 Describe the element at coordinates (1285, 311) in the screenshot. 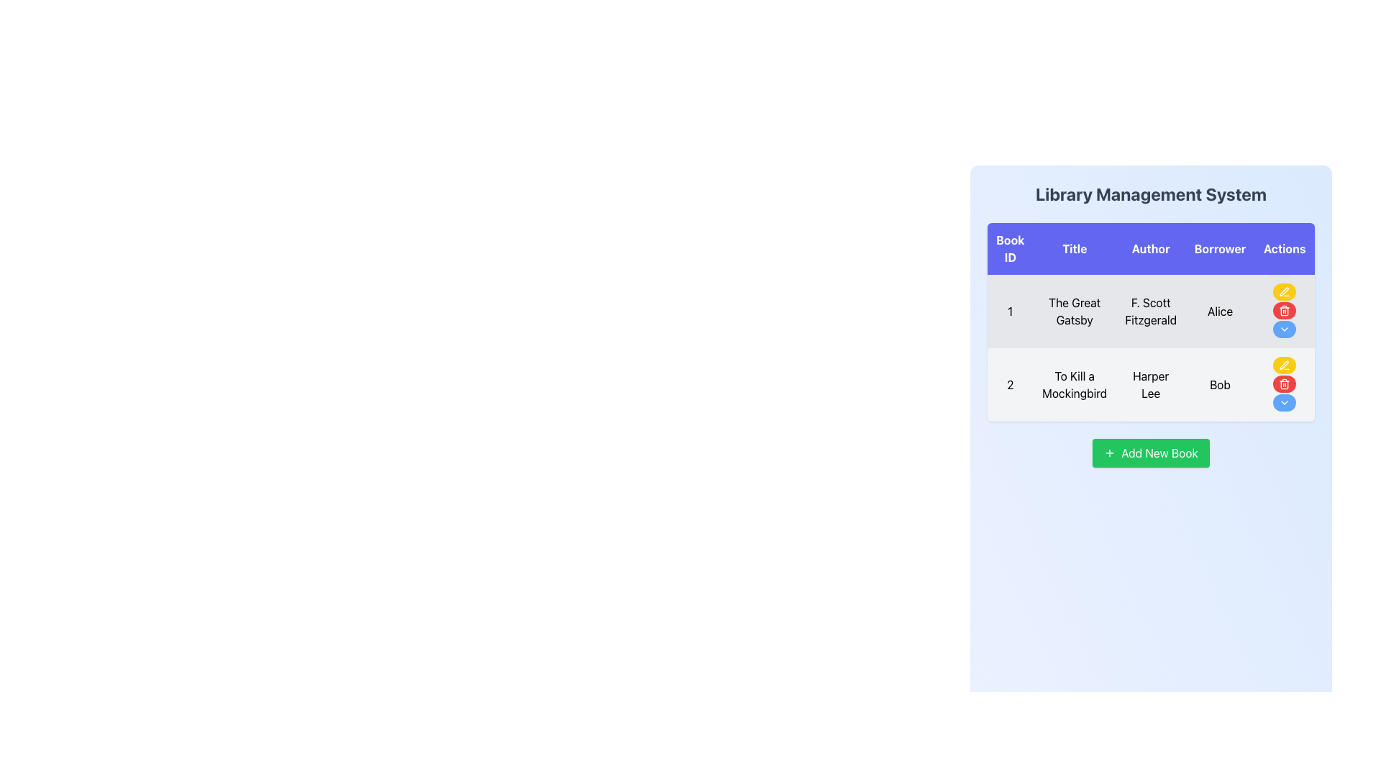

I see `the main body of the trash can icon in the 'Actions' column of the second row for the 'To Kill a Mockingbird' entry` at that location.